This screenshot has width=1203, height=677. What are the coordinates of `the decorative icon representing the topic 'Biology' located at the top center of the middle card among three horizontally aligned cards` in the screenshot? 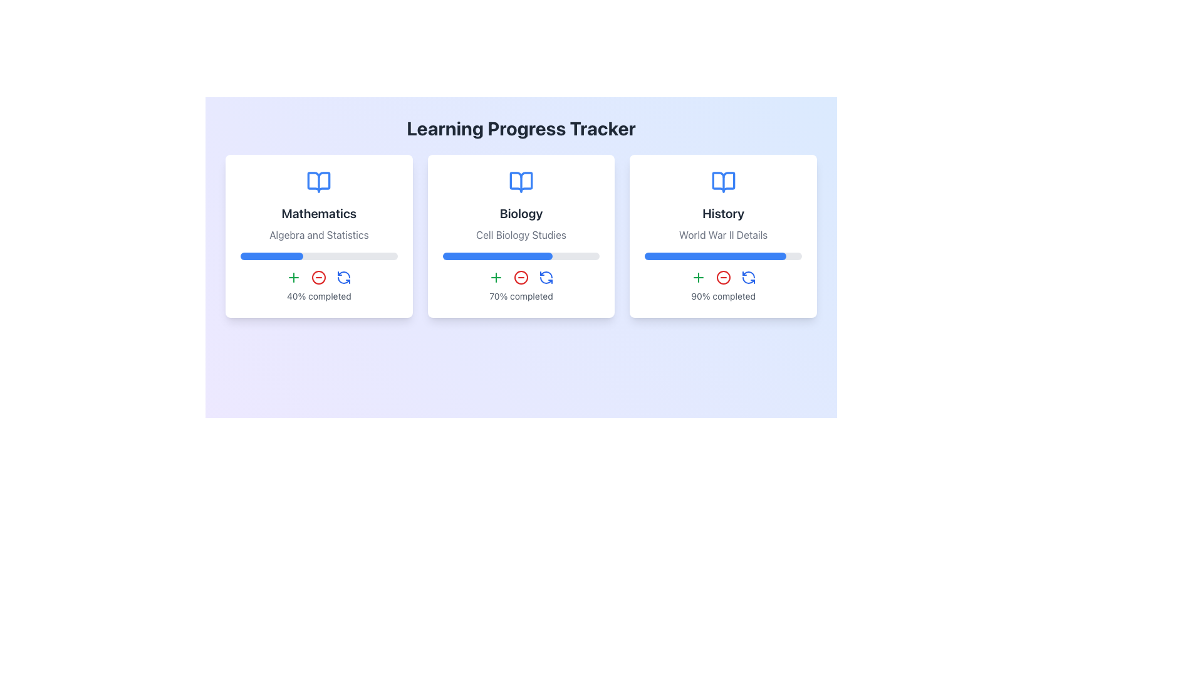 It's located at (521, 182).